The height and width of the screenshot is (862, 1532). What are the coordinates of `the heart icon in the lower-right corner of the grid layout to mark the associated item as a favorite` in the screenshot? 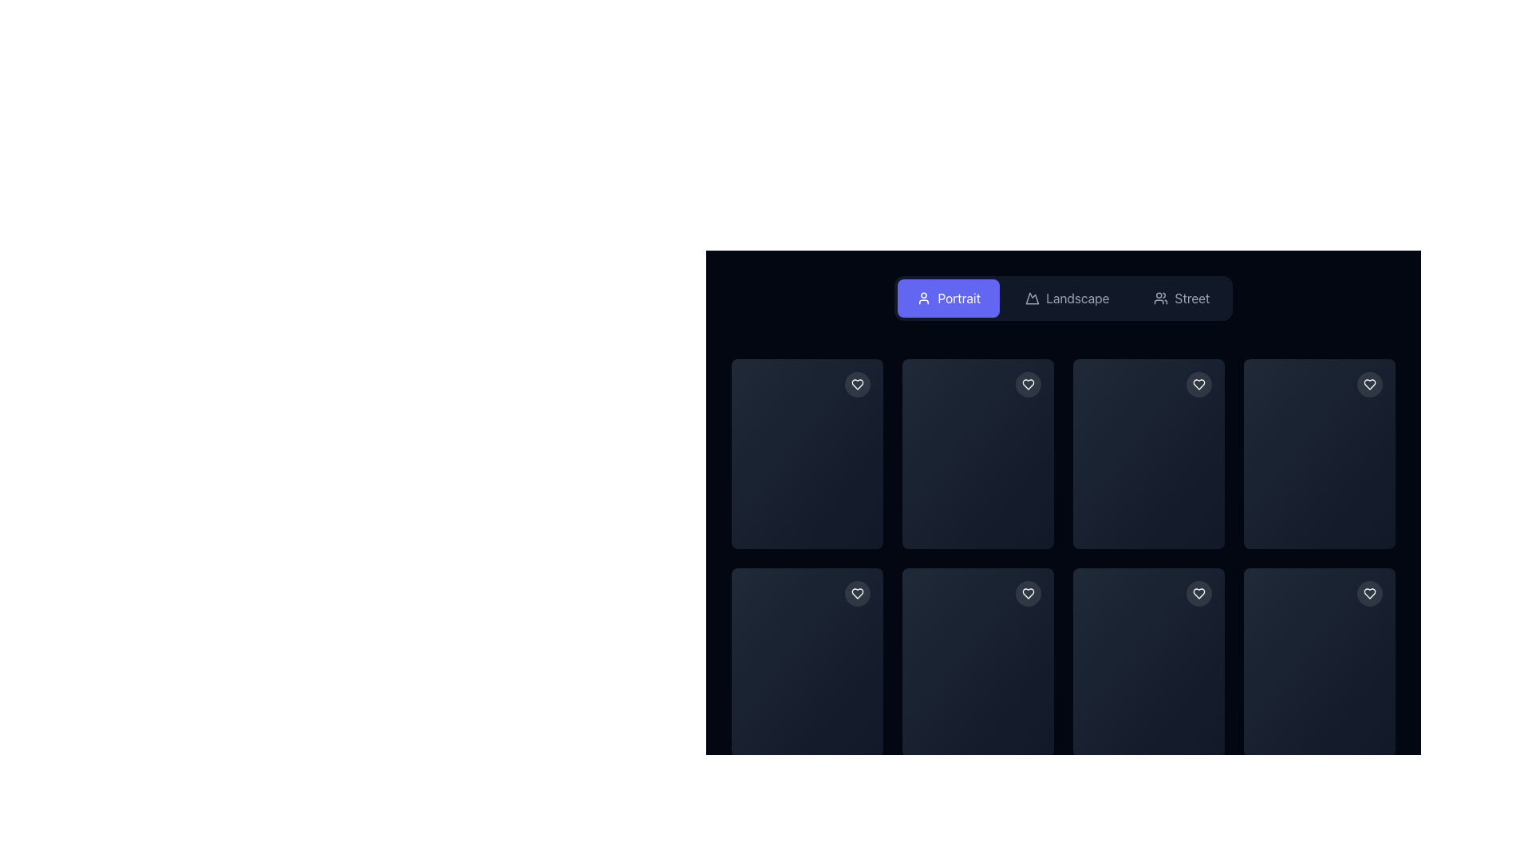 It's located at (1369, 593).